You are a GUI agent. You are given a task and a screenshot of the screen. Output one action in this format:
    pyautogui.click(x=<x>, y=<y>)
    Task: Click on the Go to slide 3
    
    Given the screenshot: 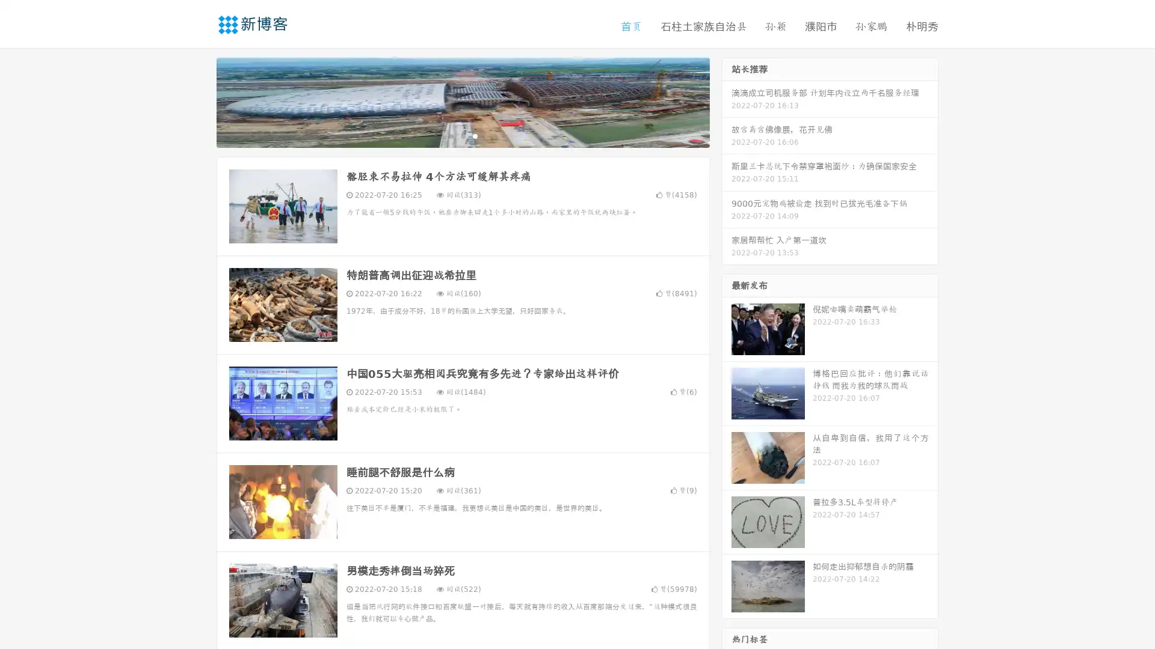 What is the action you would take?
    pyautogui.click(x=475, y=135)
    